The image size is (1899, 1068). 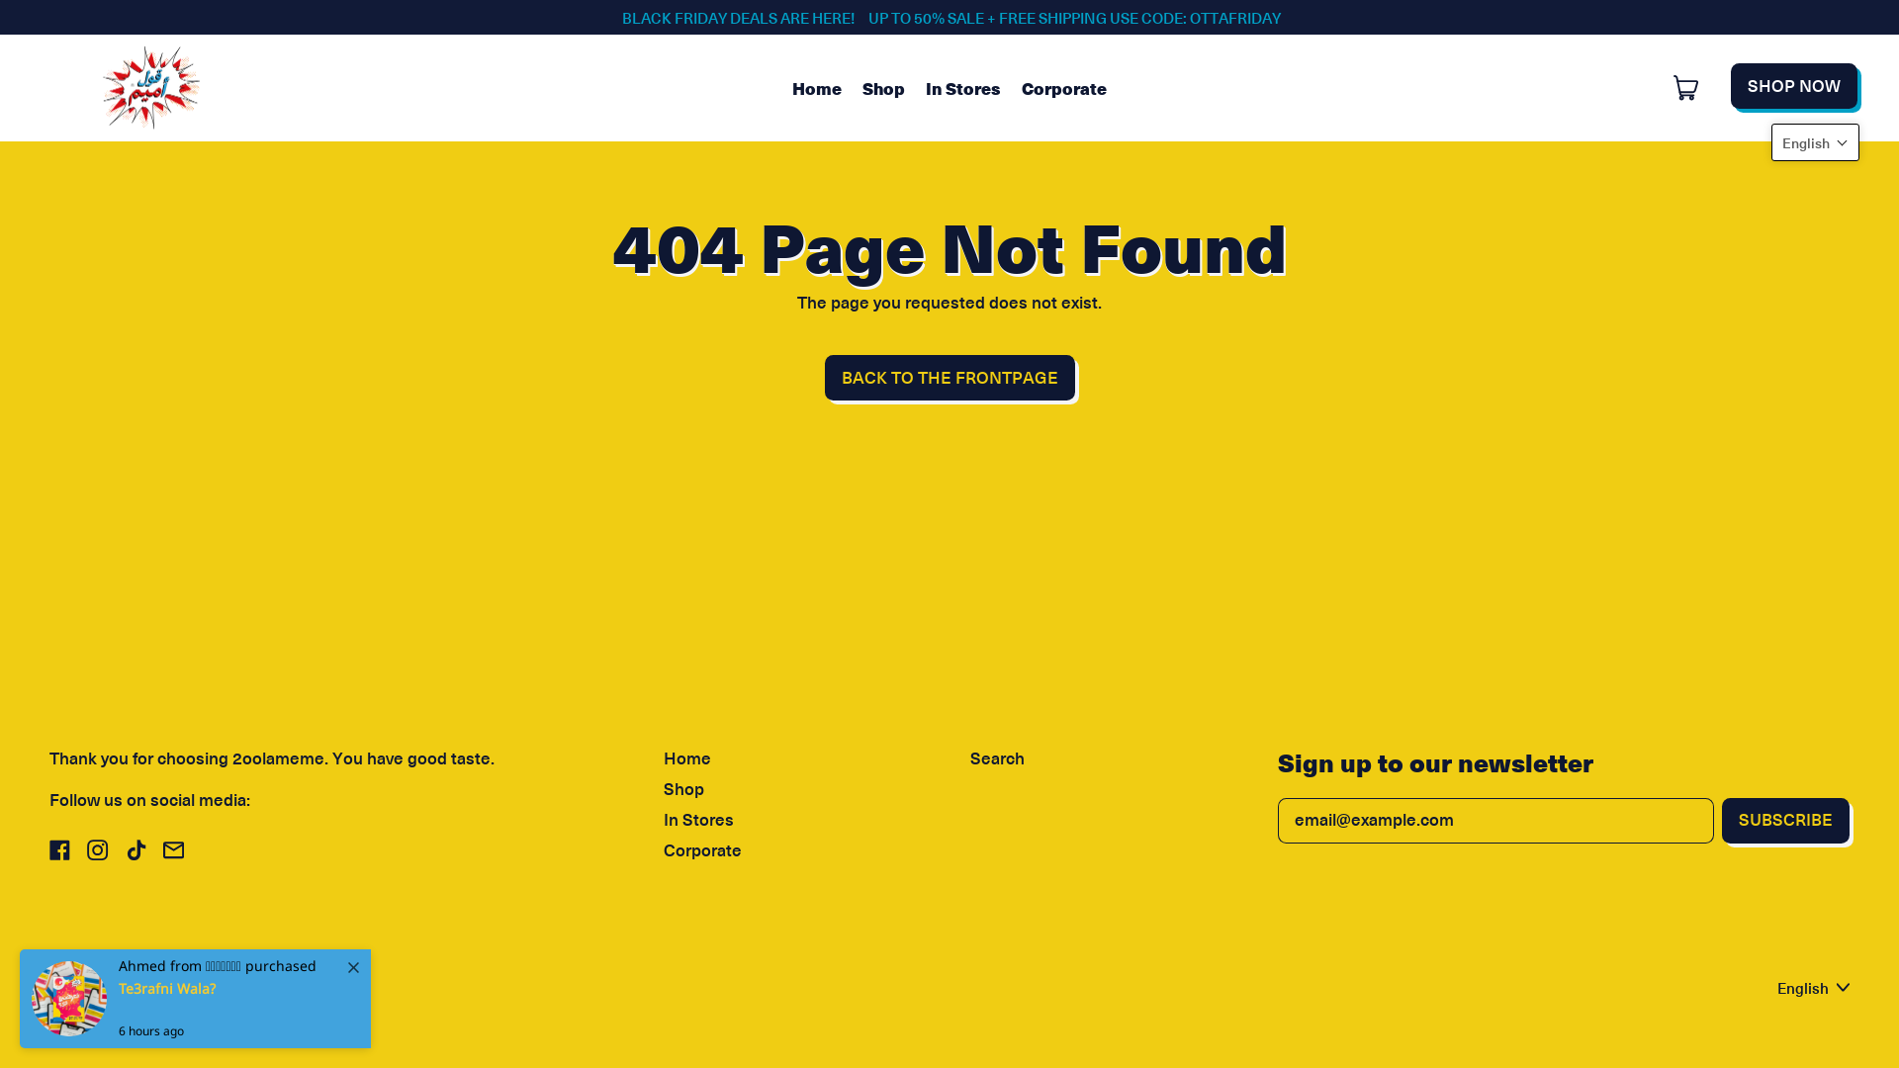 What do you see at coordinates (1685, 86) in the screenshot?
I see `'Cart` at bounding box center [1685, 86].